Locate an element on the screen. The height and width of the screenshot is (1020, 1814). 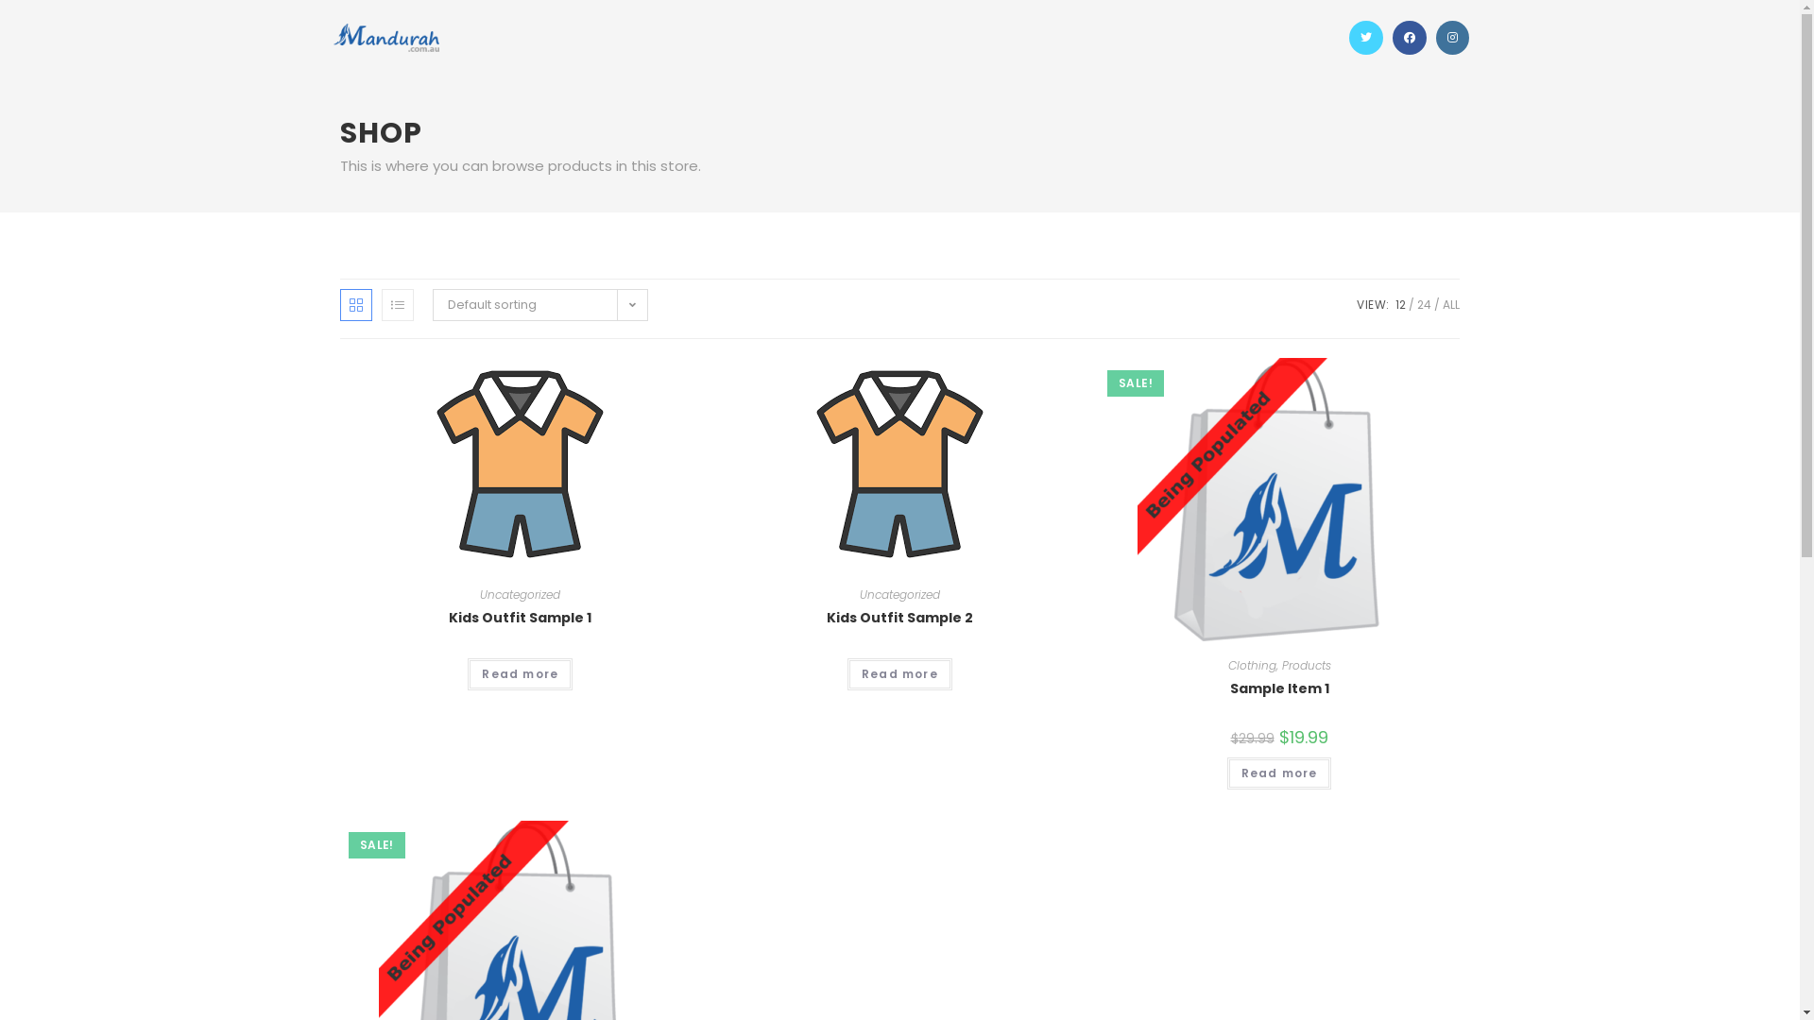
'ALL' is located at coordinates (1450, 303).